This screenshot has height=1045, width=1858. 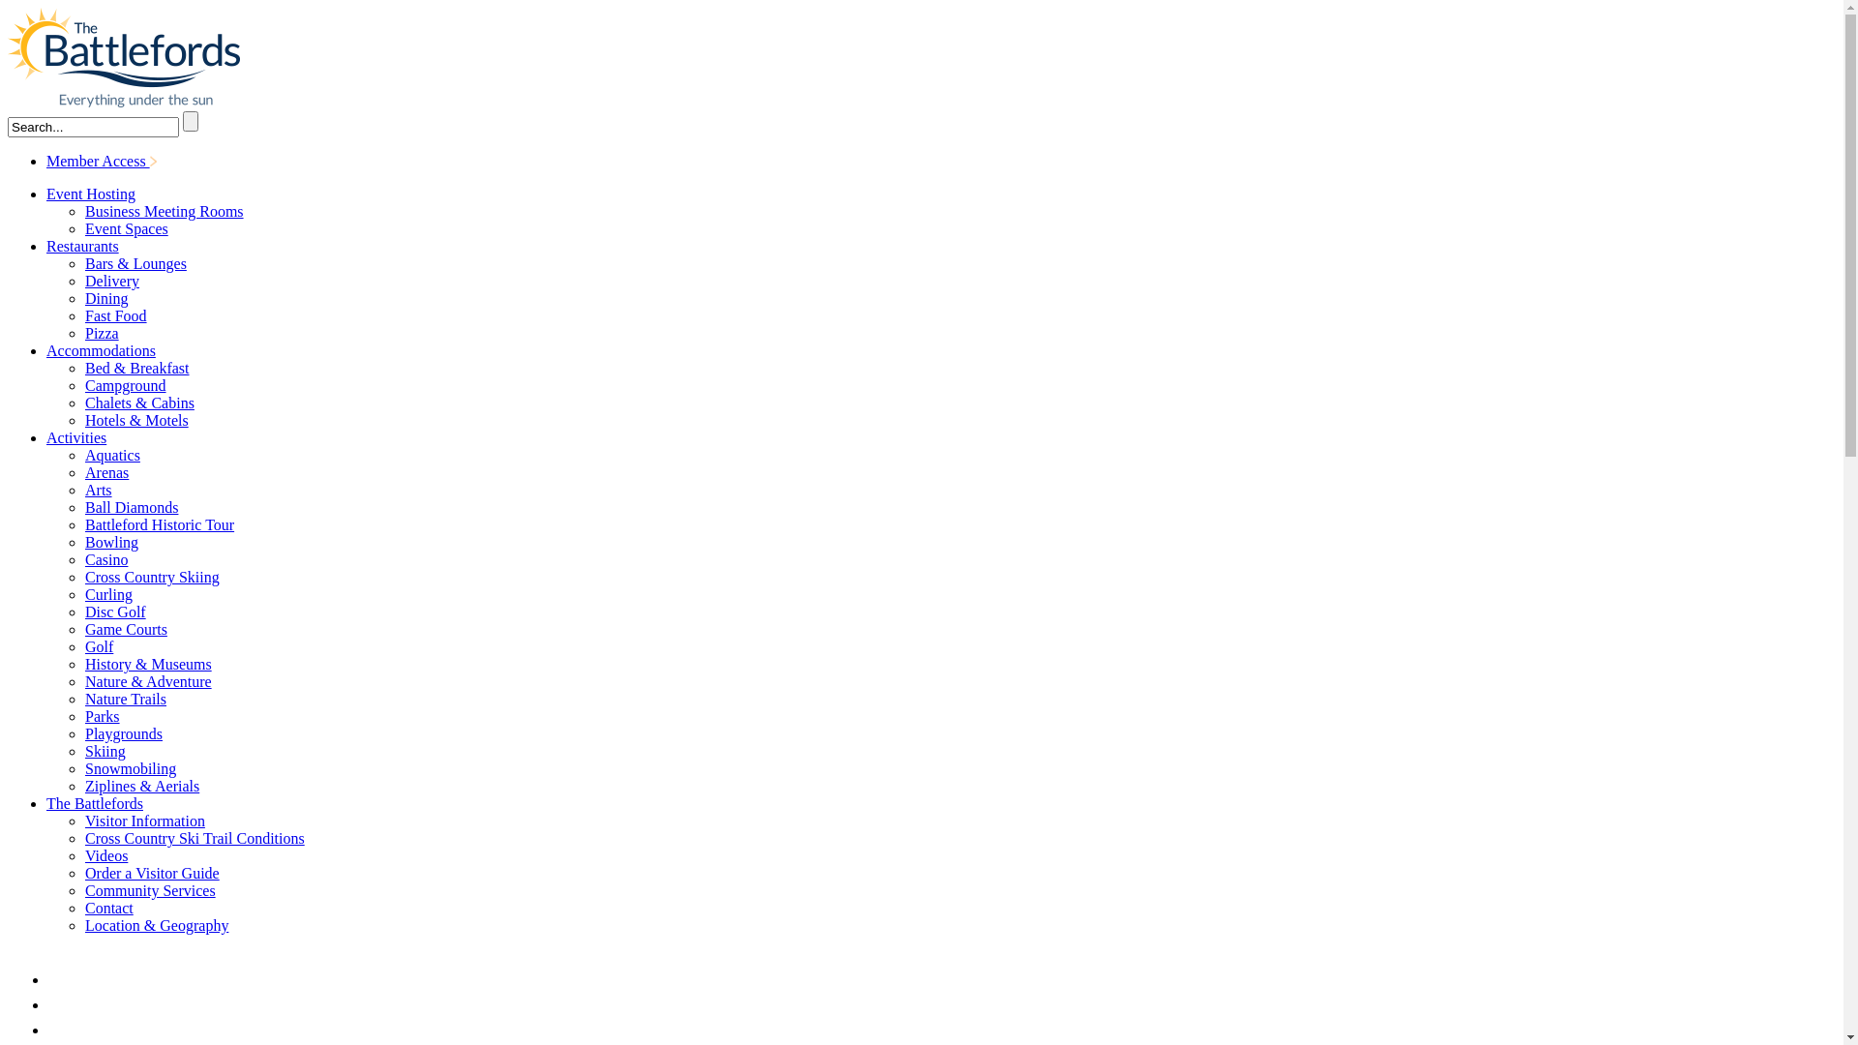 I want to click on 'Nature & Adventure', so click(x=147, y=680).